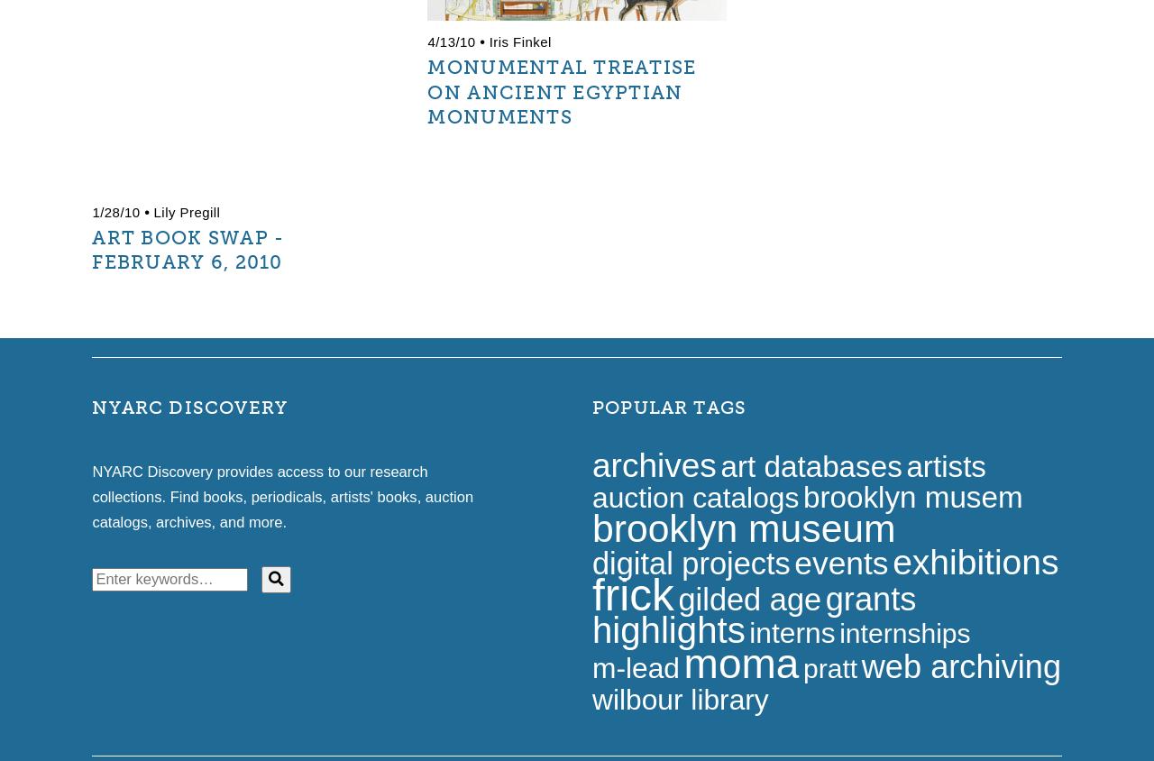 Image resolution: width=1154 pixels, height=761 pixels. I want to click on 'frick', so click(632, 594).